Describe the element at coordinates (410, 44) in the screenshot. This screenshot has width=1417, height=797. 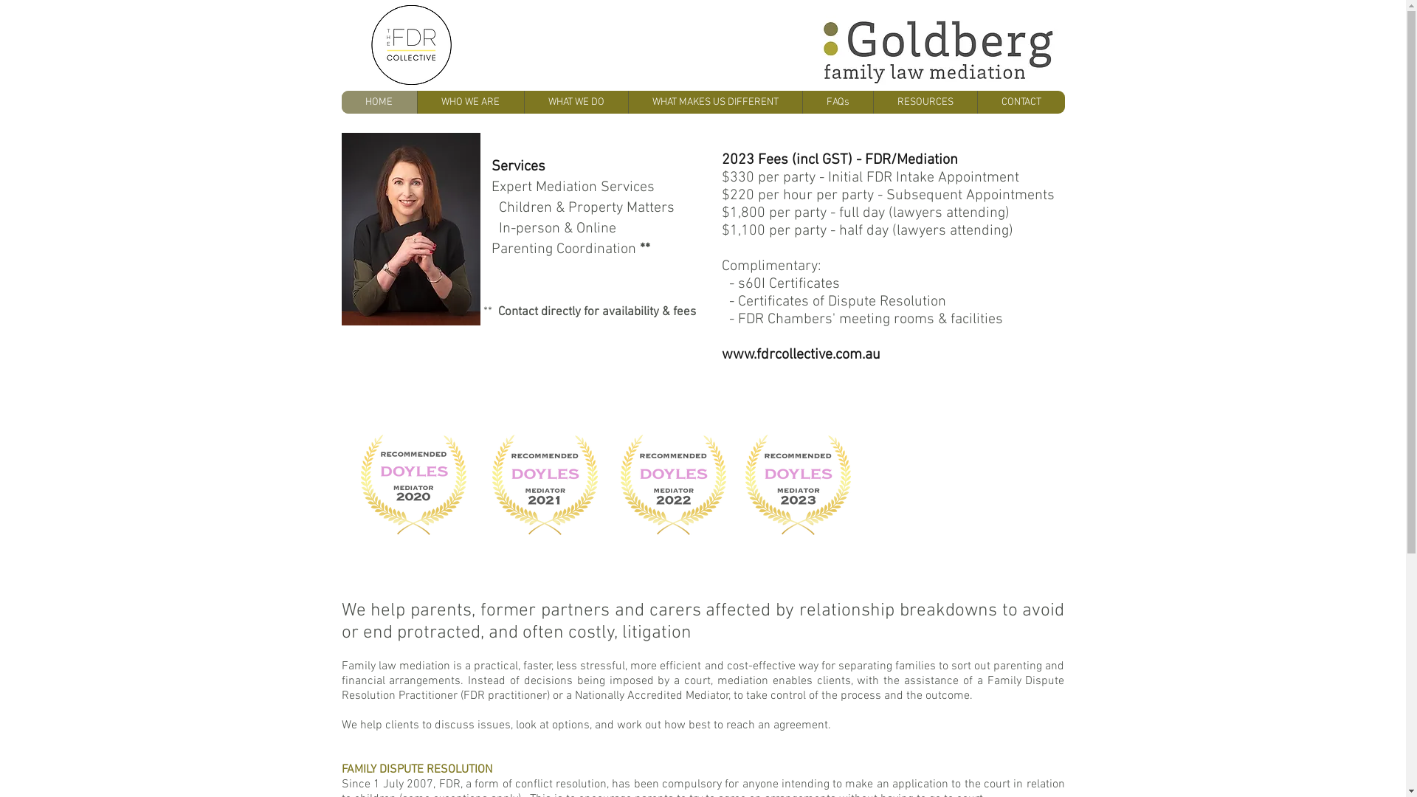
I see `'FDR Collective - White.png'` at that location.